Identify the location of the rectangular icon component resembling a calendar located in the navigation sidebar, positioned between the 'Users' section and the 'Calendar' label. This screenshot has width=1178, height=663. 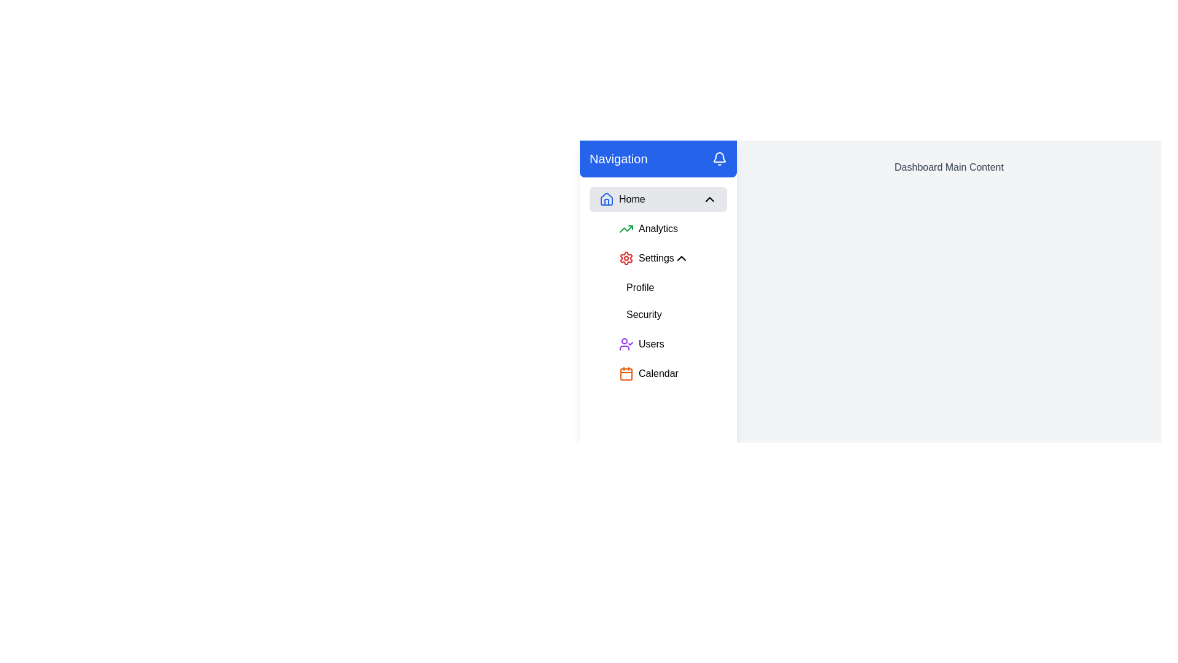
(626, 373).